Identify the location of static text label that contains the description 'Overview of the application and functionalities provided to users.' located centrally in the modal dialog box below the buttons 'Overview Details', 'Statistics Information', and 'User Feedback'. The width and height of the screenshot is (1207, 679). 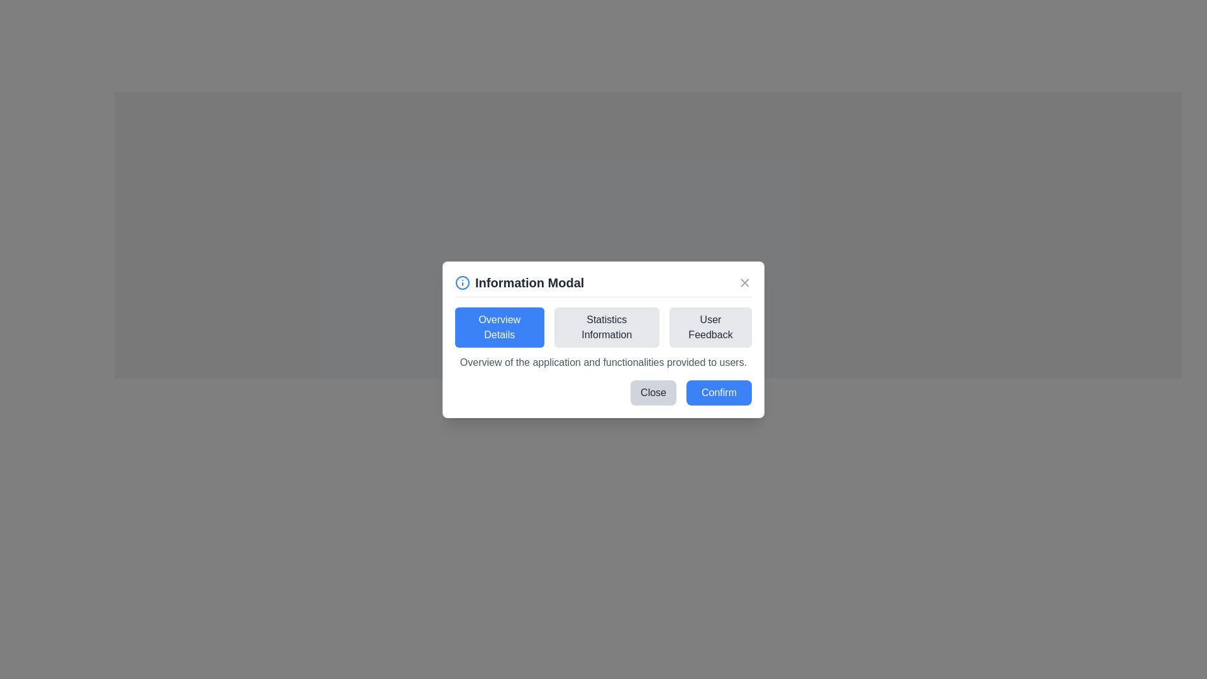
(603, 362).